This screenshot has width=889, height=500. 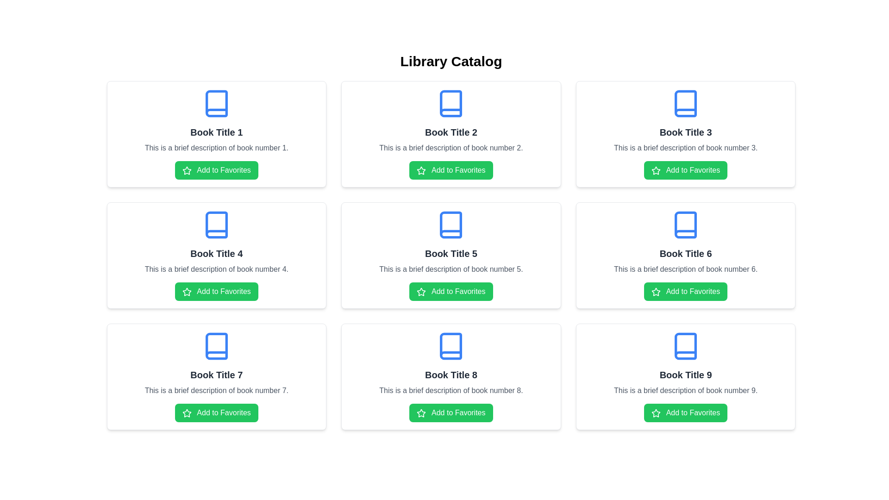 What do you see at coordinates (686, 269) in the screenshot?
I see `description displayed in the text block that says 'This is a brief description of book number 6.' located below the title 'Book Title 6.'` at bounding box center [686, 269].